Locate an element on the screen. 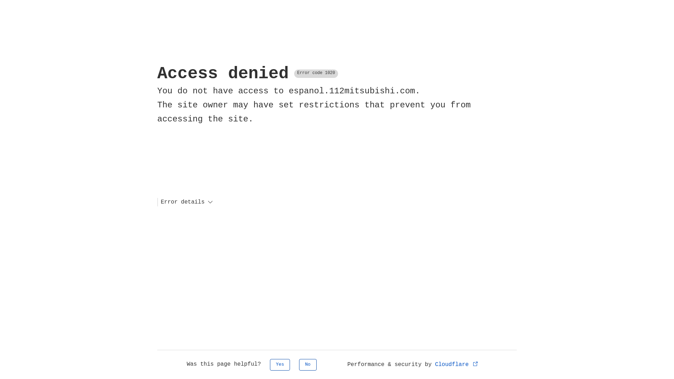 This screenshot has width=674, height=379. 'Cloudflare' is located at coordinates (457, 364).